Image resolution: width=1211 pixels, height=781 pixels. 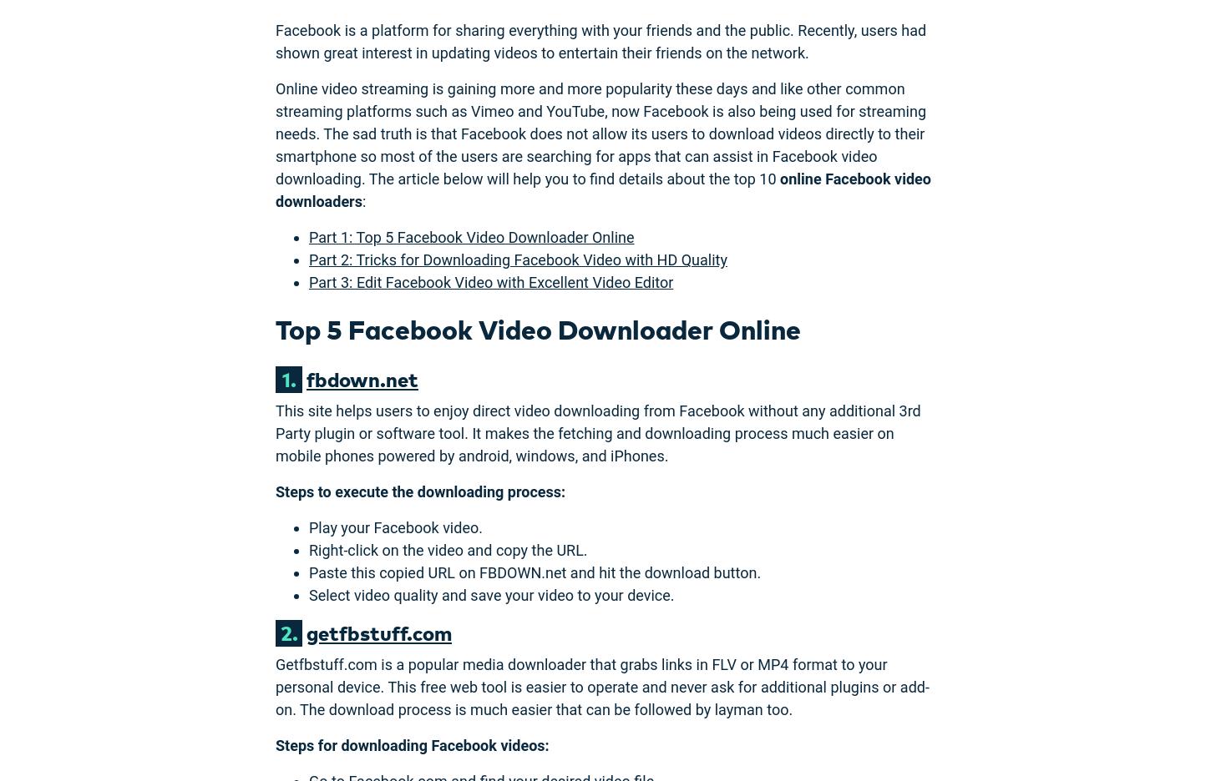 I want to click on 'Part 2: Tricks for Downloading Facebook Video with HD Quality', so click(x=517, y=259).